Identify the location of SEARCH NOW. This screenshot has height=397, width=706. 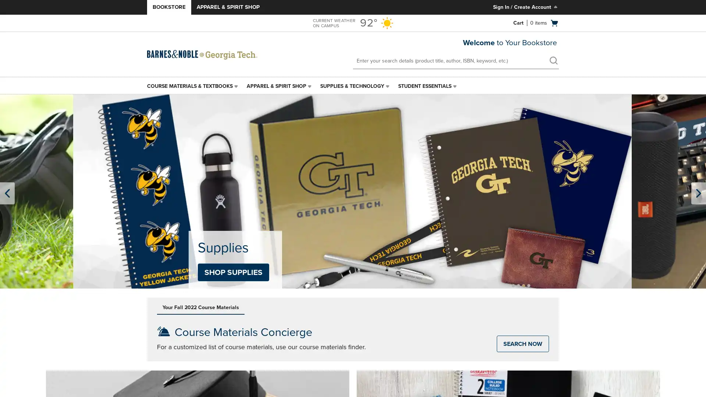
(522, 343).